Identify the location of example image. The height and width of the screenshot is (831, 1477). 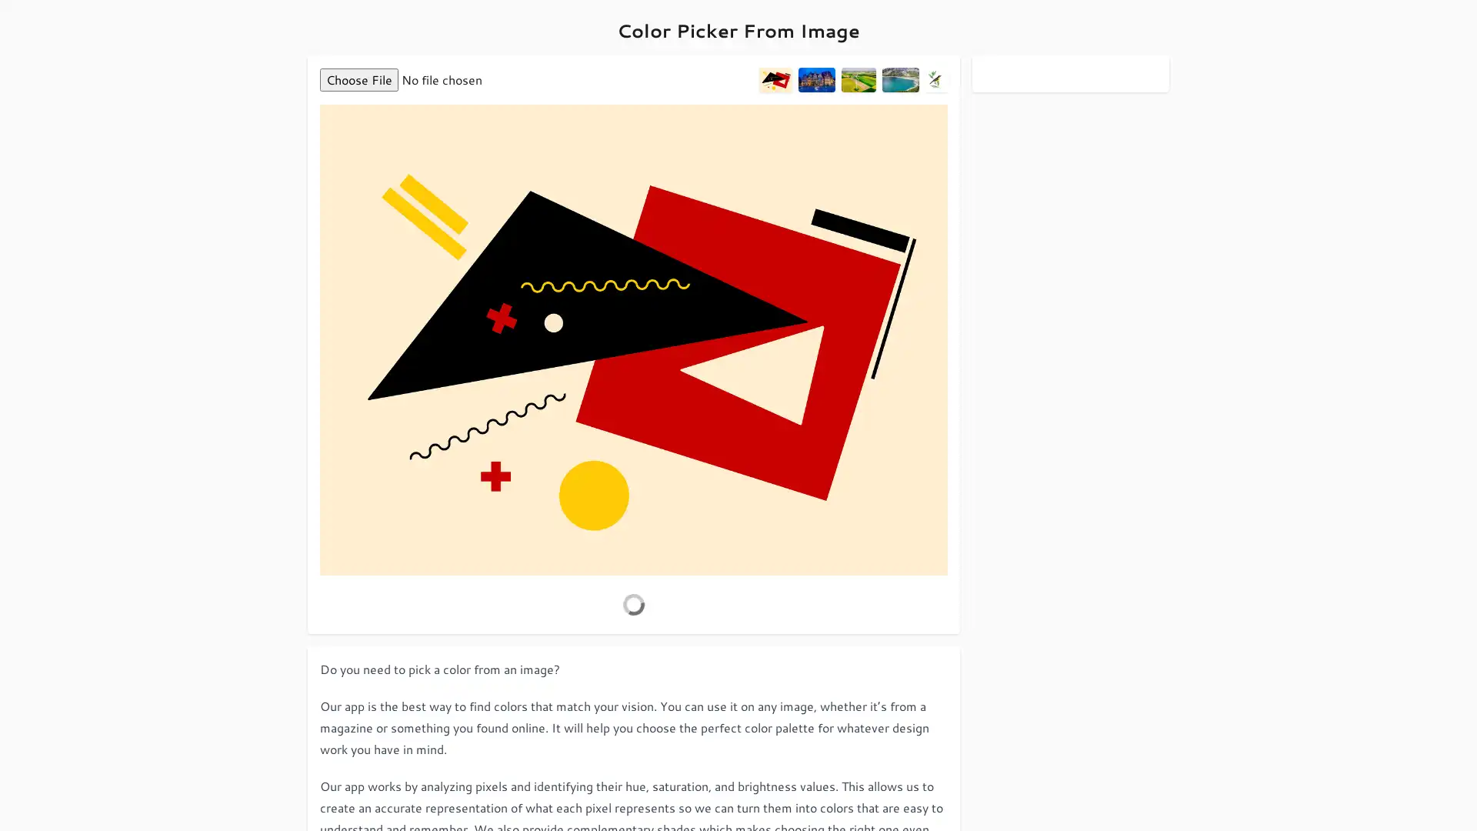
(935, 80).